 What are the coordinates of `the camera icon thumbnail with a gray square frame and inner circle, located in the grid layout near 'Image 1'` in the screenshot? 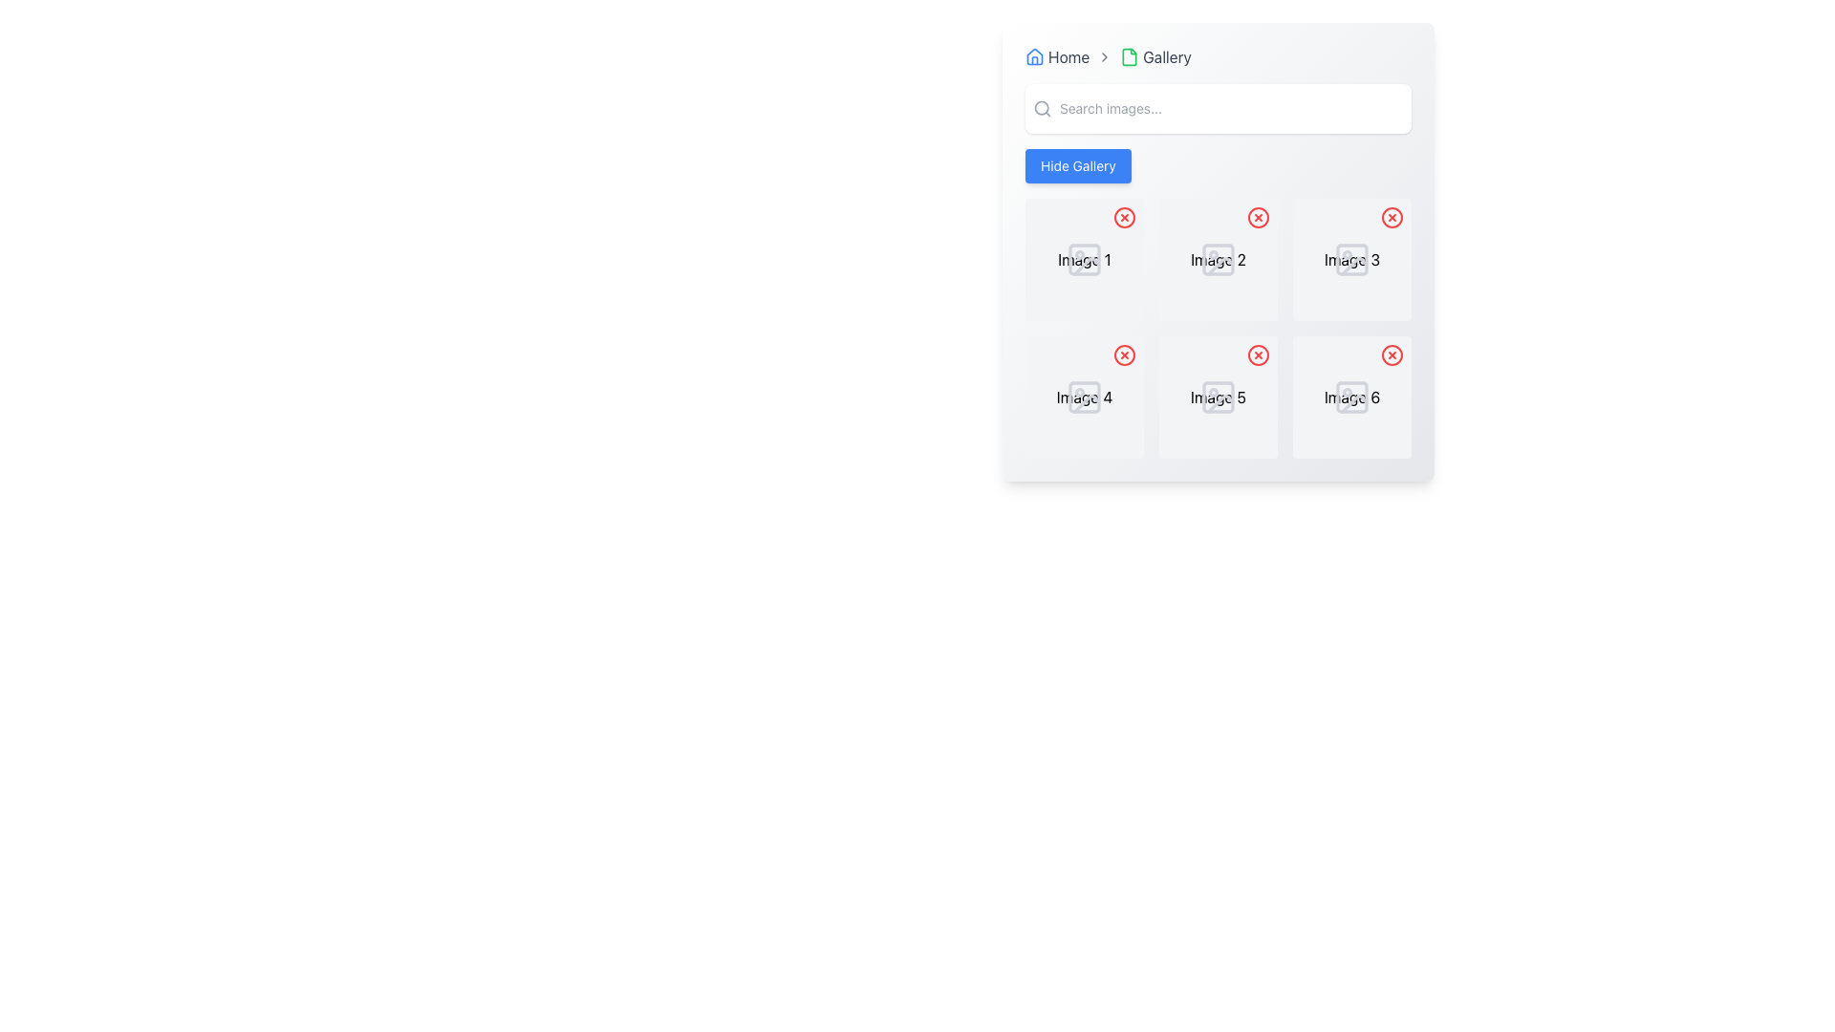 It's located at (1084, 260).